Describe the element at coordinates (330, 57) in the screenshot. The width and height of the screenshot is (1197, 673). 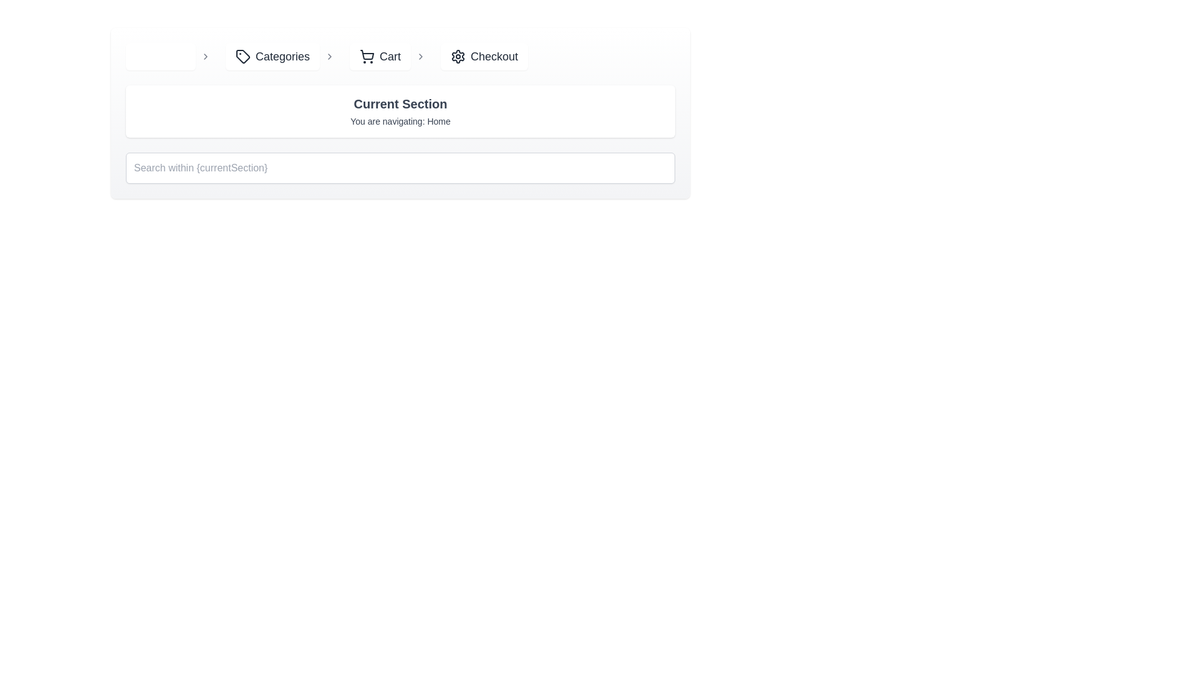
I see `the small gray chevron icon pointing right, located next to the 'Categories' label in the navigation menu` at that location.